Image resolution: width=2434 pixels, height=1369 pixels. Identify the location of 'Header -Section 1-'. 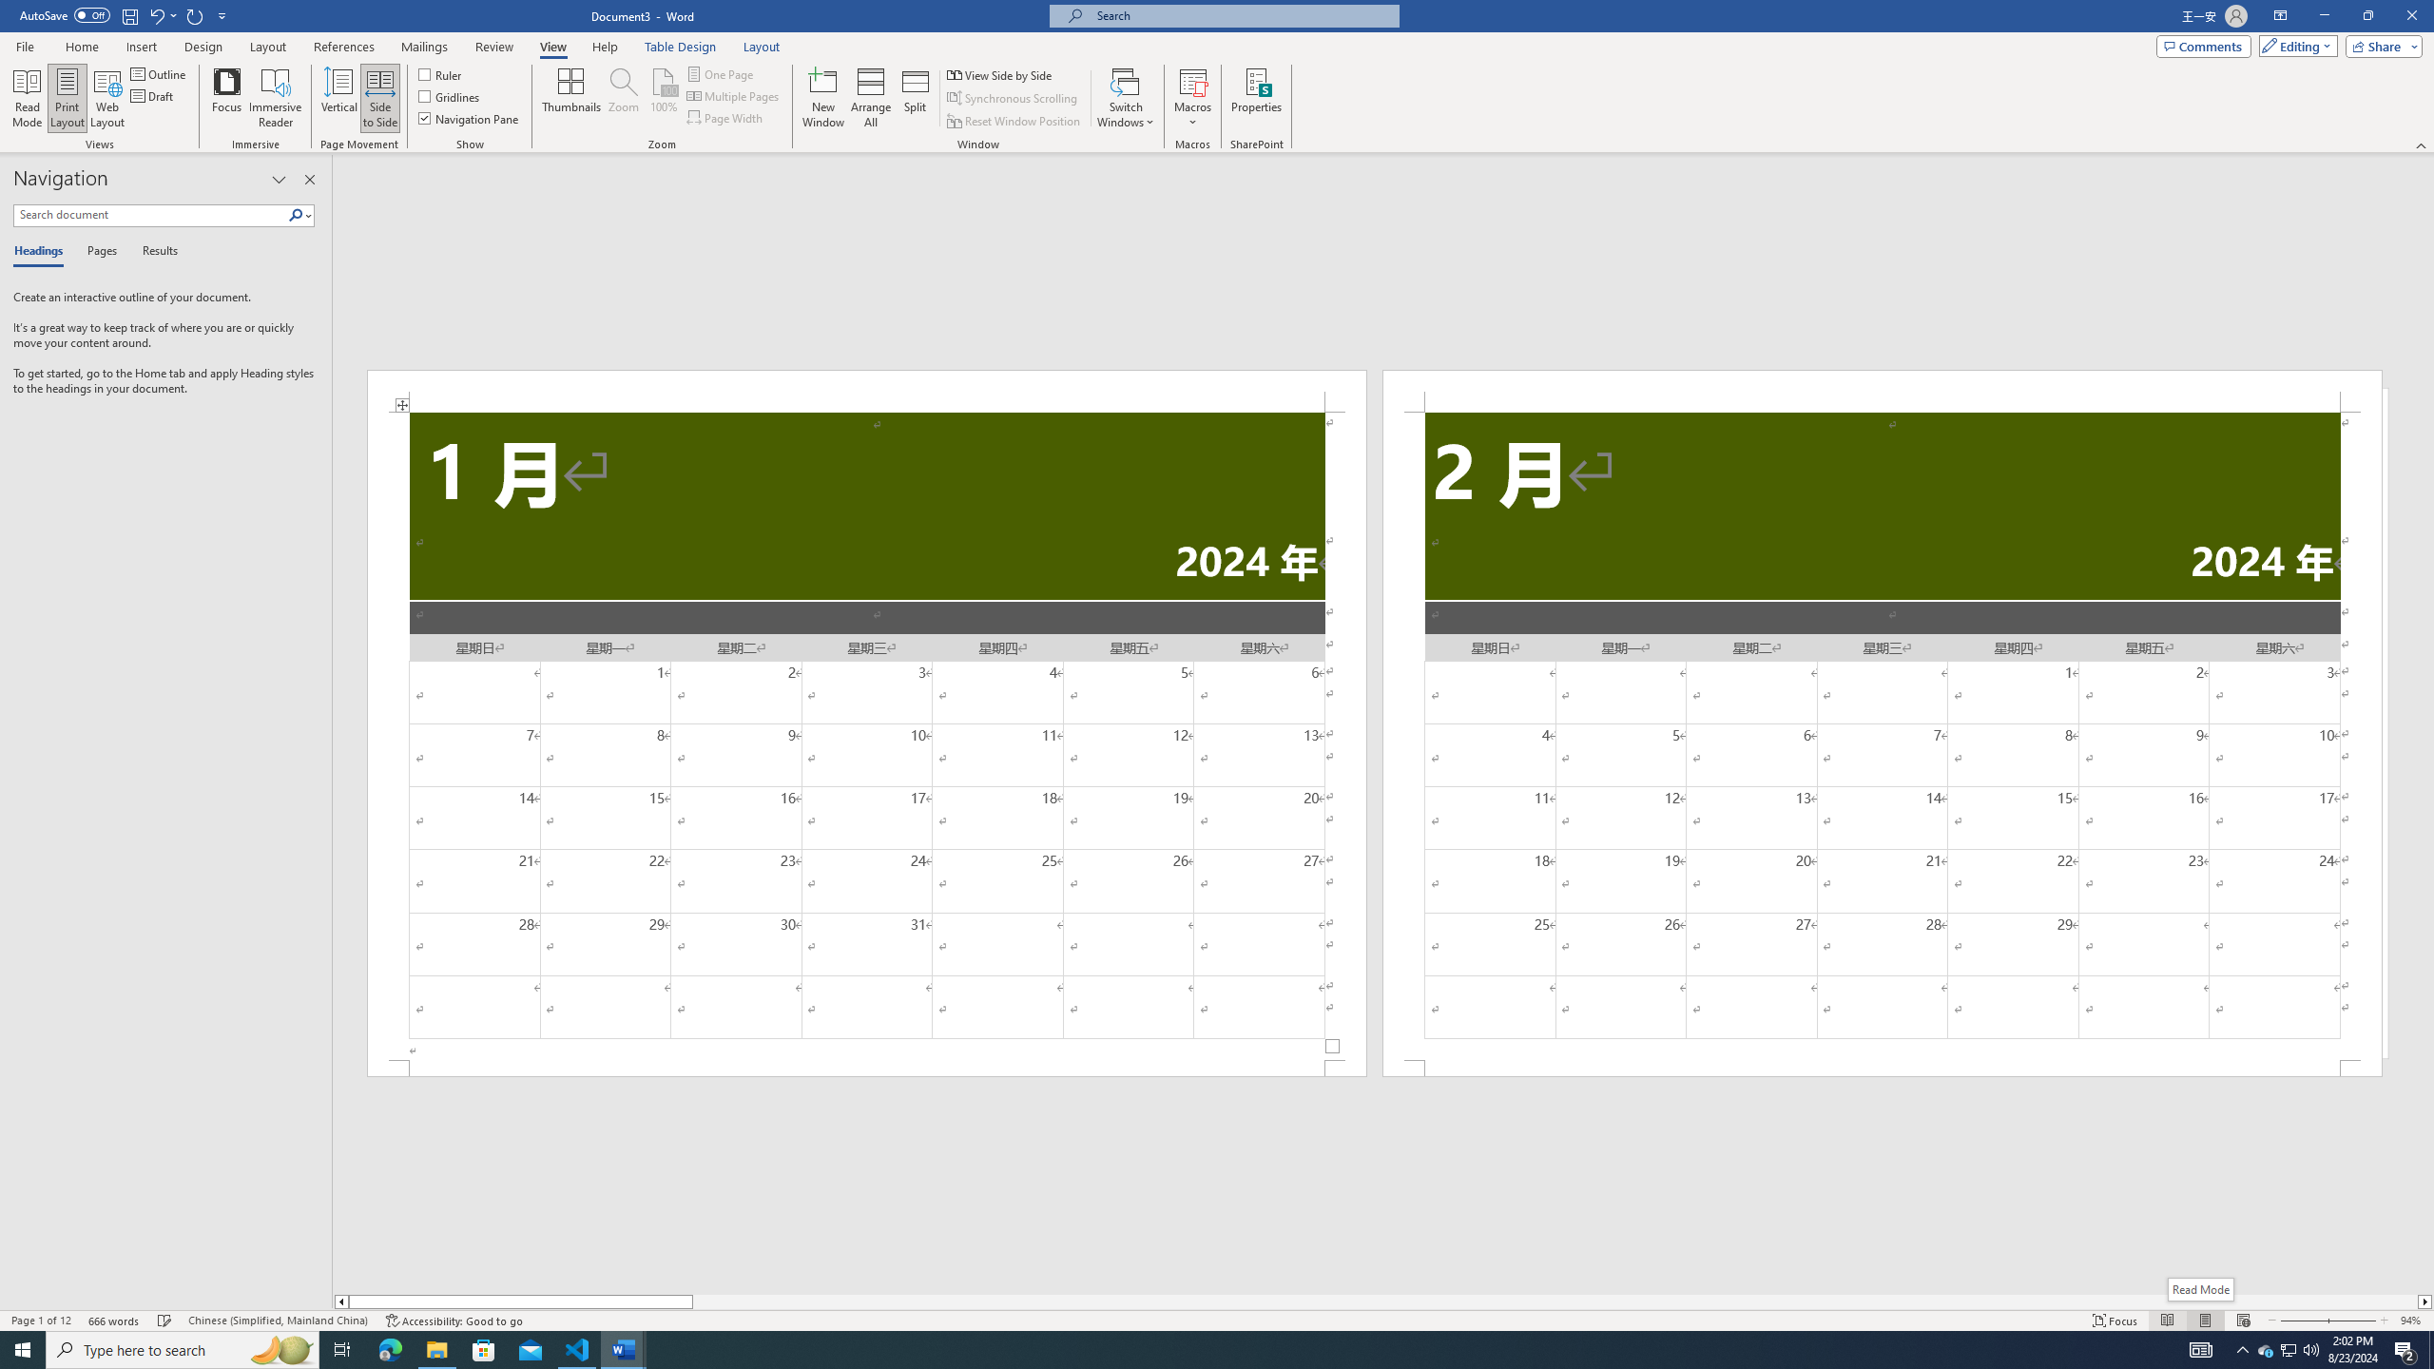
(867, 390).